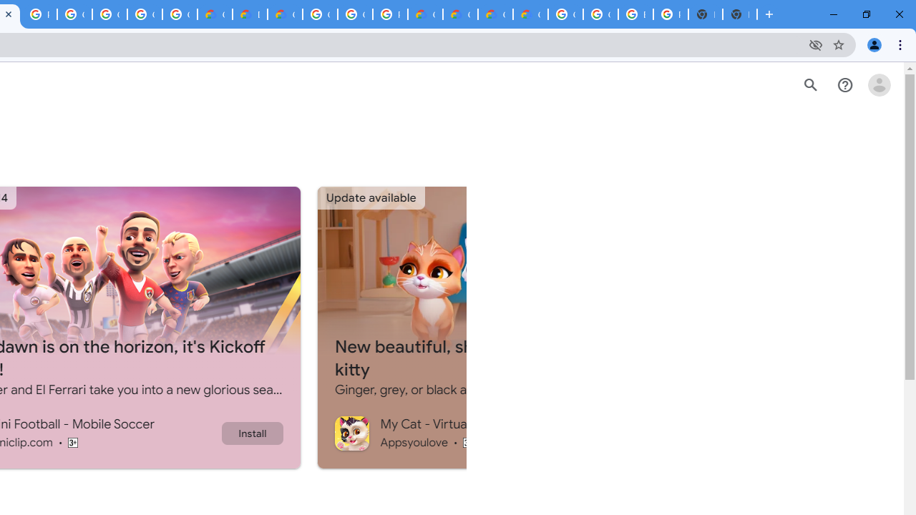 The height and width of the screenshot is (515, 916). I want to click on 'Google Cloud Pricing Calculator', so click(495, 14).